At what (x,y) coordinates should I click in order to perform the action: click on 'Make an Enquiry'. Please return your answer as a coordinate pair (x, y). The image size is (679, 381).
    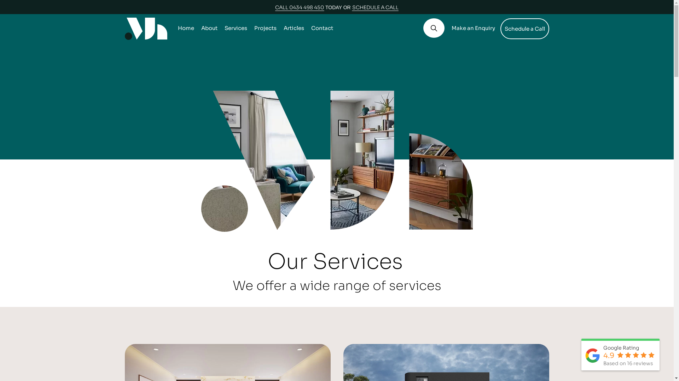
    Looking at the image, I should click on (473, 28).